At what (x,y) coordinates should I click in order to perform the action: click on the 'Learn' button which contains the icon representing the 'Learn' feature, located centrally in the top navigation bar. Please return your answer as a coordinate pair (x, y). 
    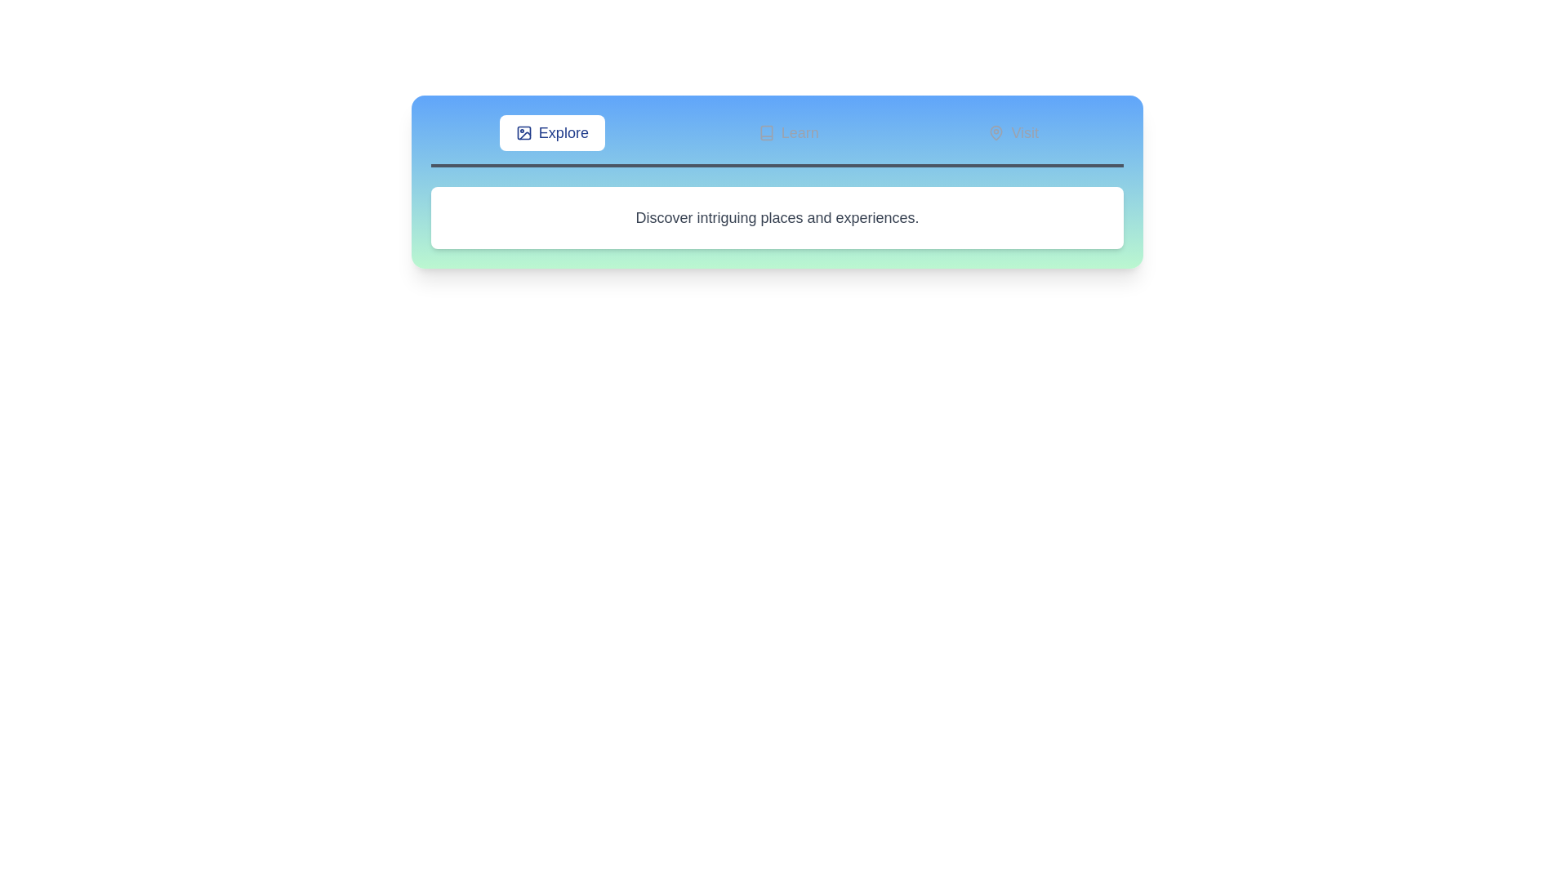
    Looking at the image, I should click on (765, 131).